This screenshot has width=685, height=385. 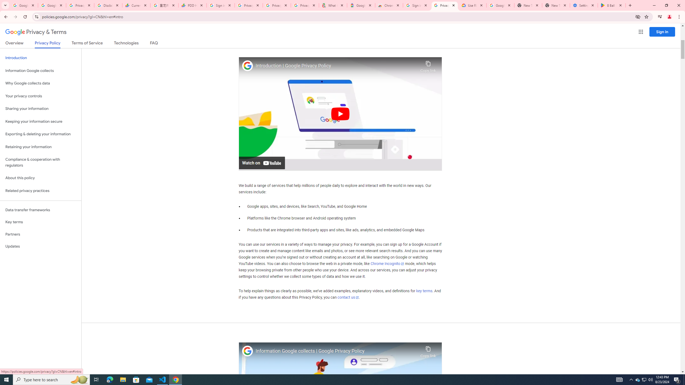 What do you see at coordinates (336, 351) in the screenshot?
I see `'Information Google collects | Google Privacy Policy'` at bounding box center [336, 351].